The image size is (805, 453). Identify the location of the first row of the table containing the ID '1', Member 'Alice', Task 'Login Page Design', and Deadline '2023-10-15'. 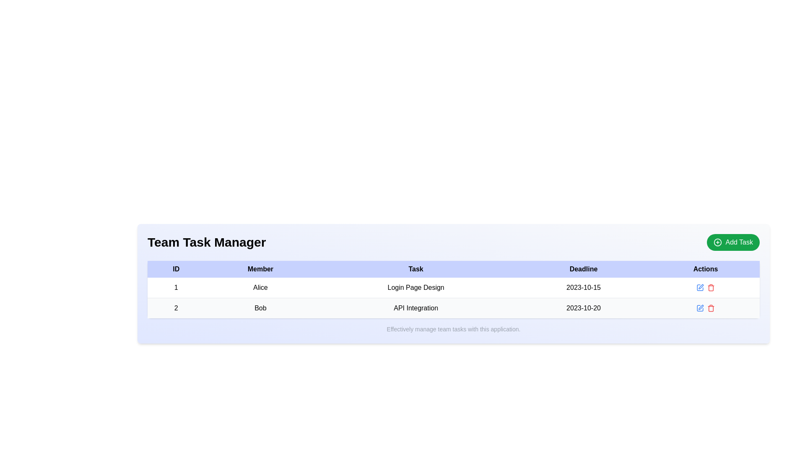
(453, 287).